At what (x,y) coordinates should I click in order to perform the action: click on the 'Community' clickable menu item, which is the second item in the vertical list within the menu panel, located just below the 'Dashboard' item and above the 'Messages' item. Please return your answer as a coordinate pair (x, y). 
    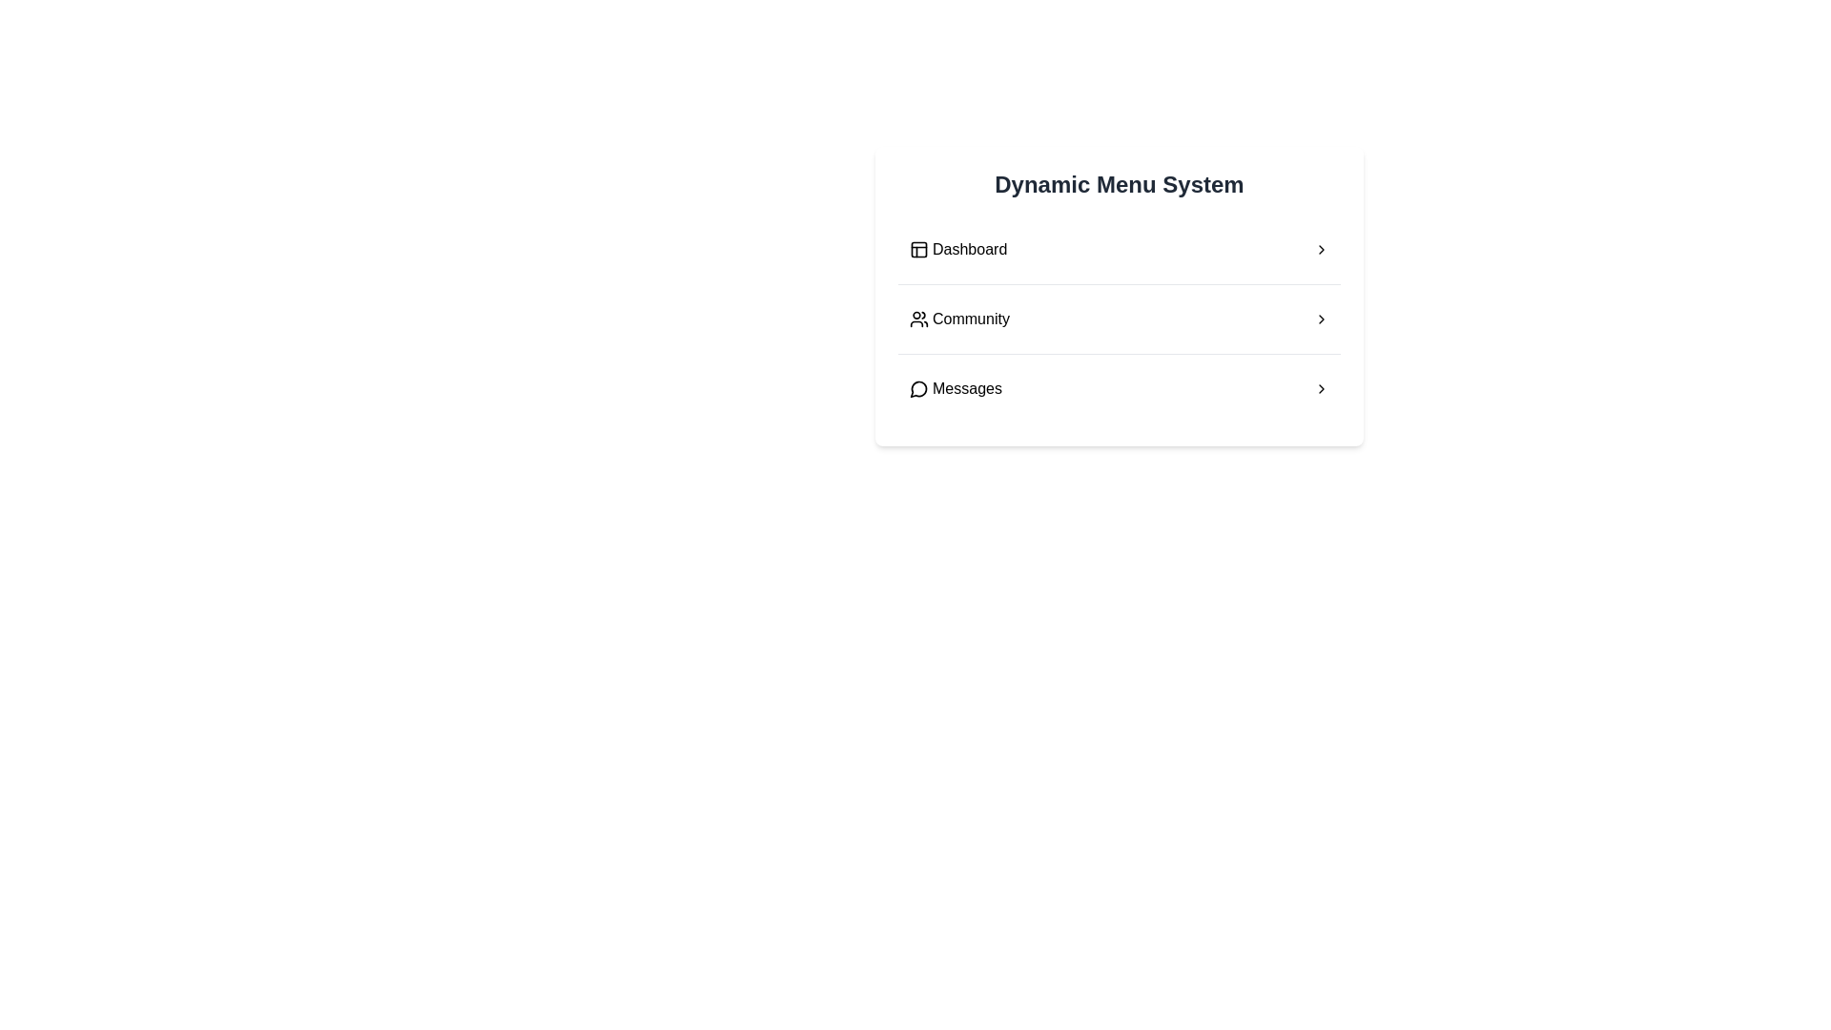
    Looking at the image, I should click on (1120, 319).